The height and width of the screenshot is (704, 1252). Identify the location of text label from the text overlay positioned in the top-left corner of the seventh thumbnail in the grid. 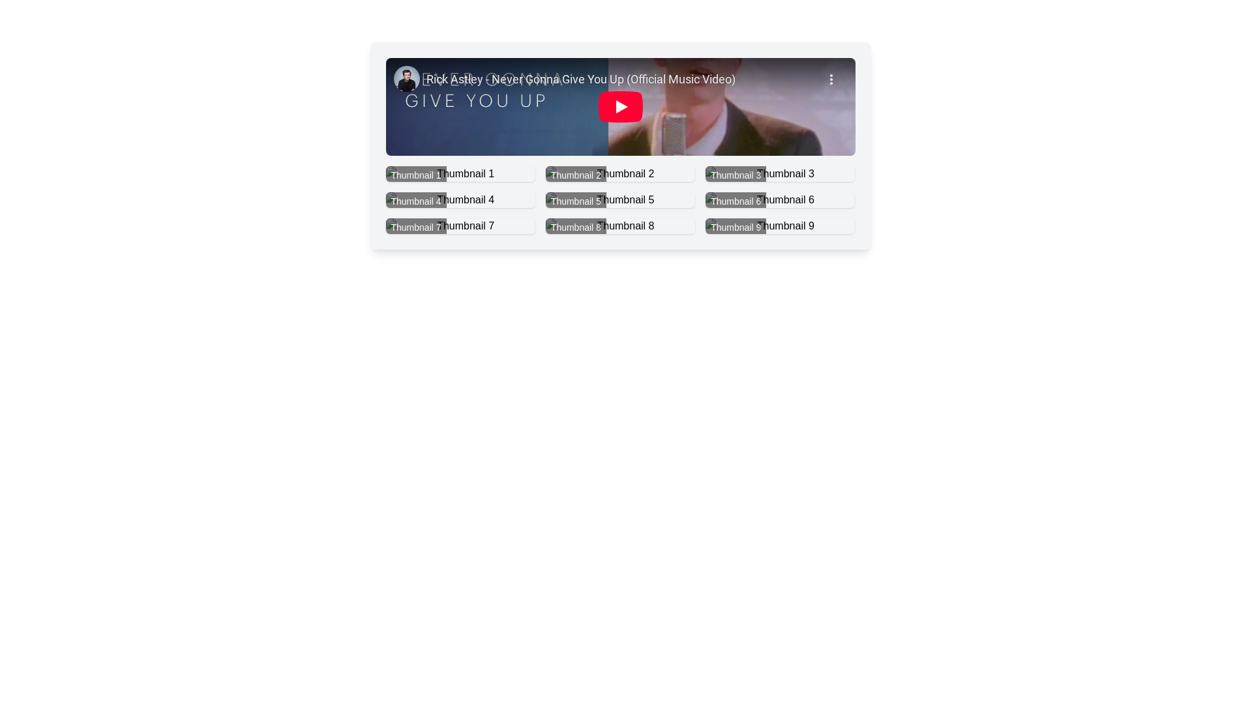
(415, 226).